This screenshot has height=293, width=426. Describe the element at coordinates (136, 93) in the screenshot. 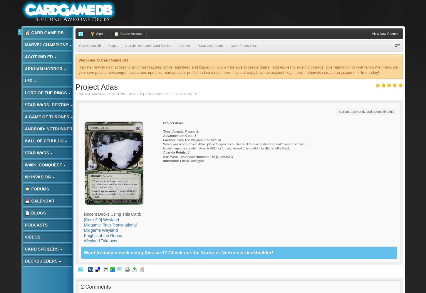

I see `'Submitted 
	Darksbane
, Dec 11 2012 10:36 PM | Last updated Dec 11 2012 10:36 PM'` at that location.